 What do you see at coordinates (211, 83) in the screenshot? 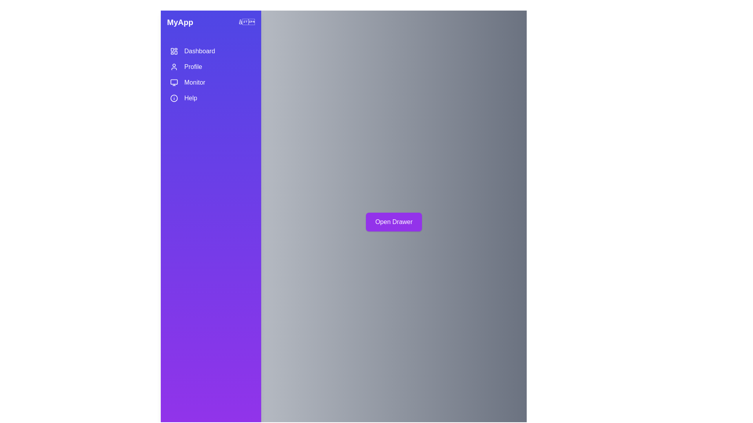
I see `the menu item Monitor by clicking on it` at bounding box center [211, 83].